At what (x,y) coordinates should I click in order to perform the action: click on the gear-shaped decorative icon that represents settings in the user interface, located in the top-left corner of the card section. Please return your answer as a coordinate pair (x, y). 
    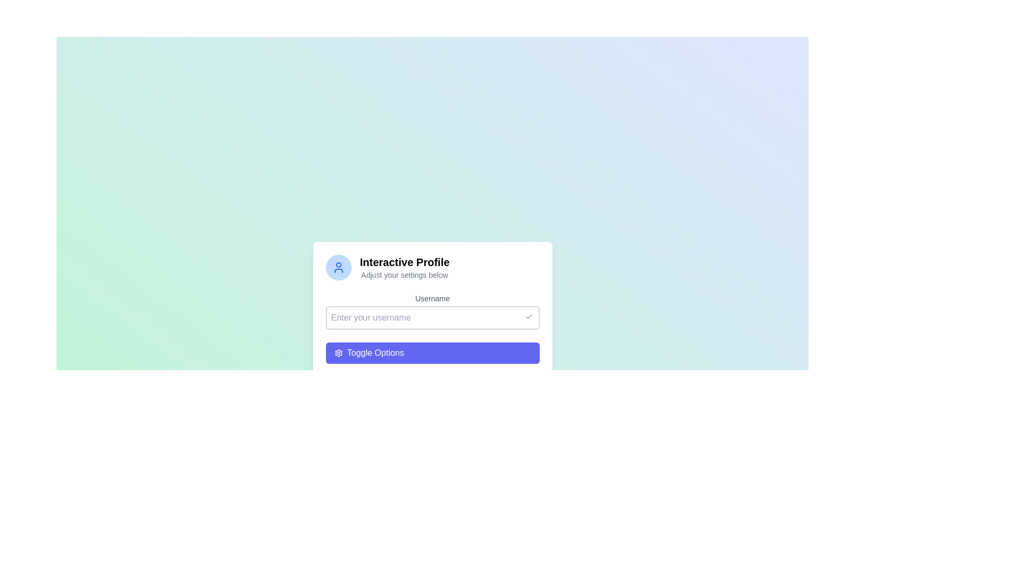
    Looking at the image, I should click on (338, 353).